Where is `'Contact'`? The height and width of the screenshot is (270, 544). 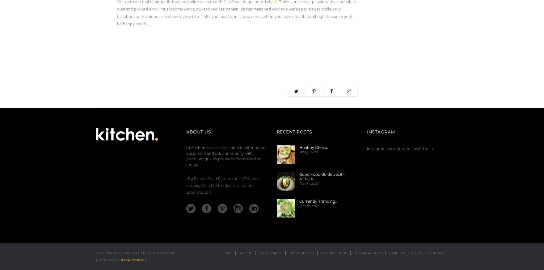
'Contact' is located at coordinates (437, 253).